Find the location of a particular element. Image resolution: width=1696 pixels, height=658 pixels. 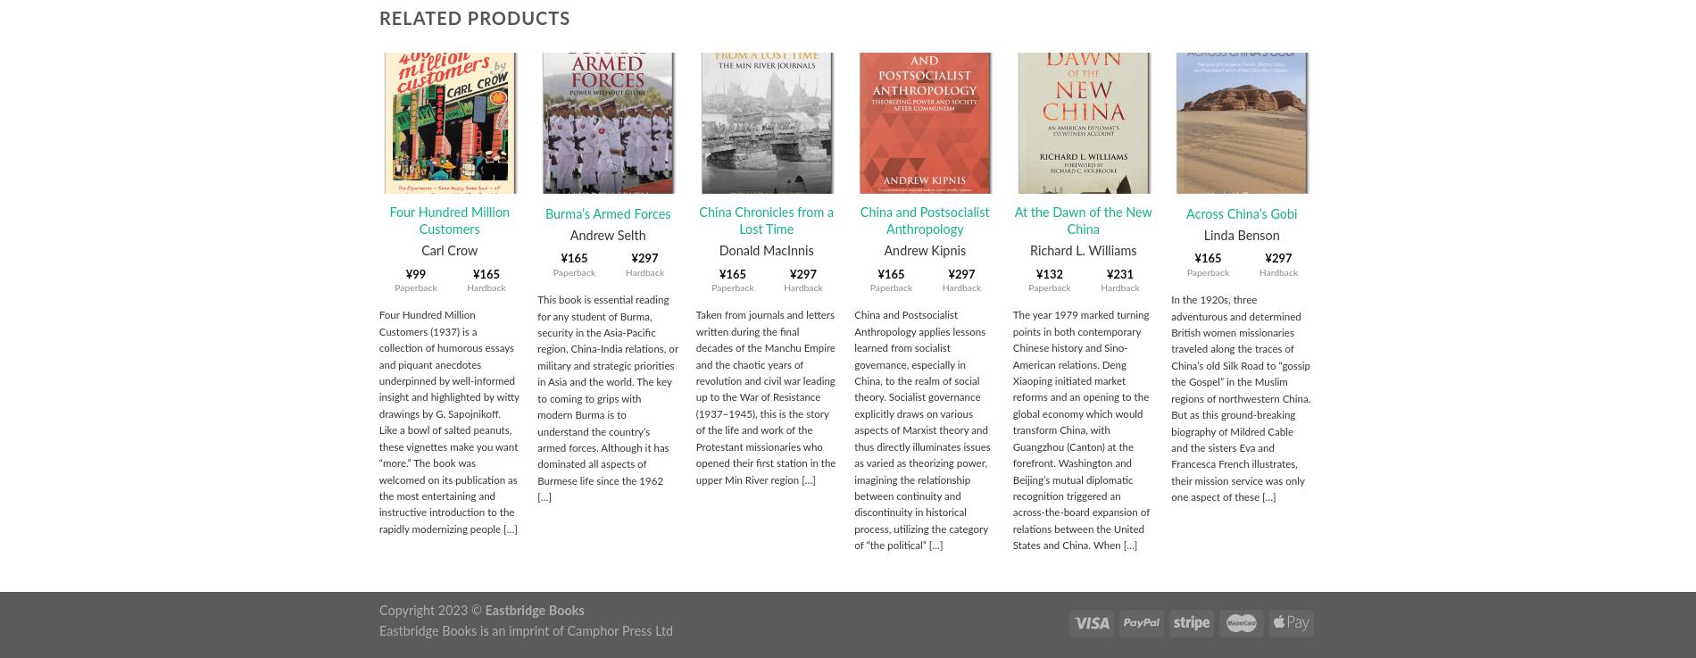

'At the Dawn of the New China' is located at coordinates (1081, 220).